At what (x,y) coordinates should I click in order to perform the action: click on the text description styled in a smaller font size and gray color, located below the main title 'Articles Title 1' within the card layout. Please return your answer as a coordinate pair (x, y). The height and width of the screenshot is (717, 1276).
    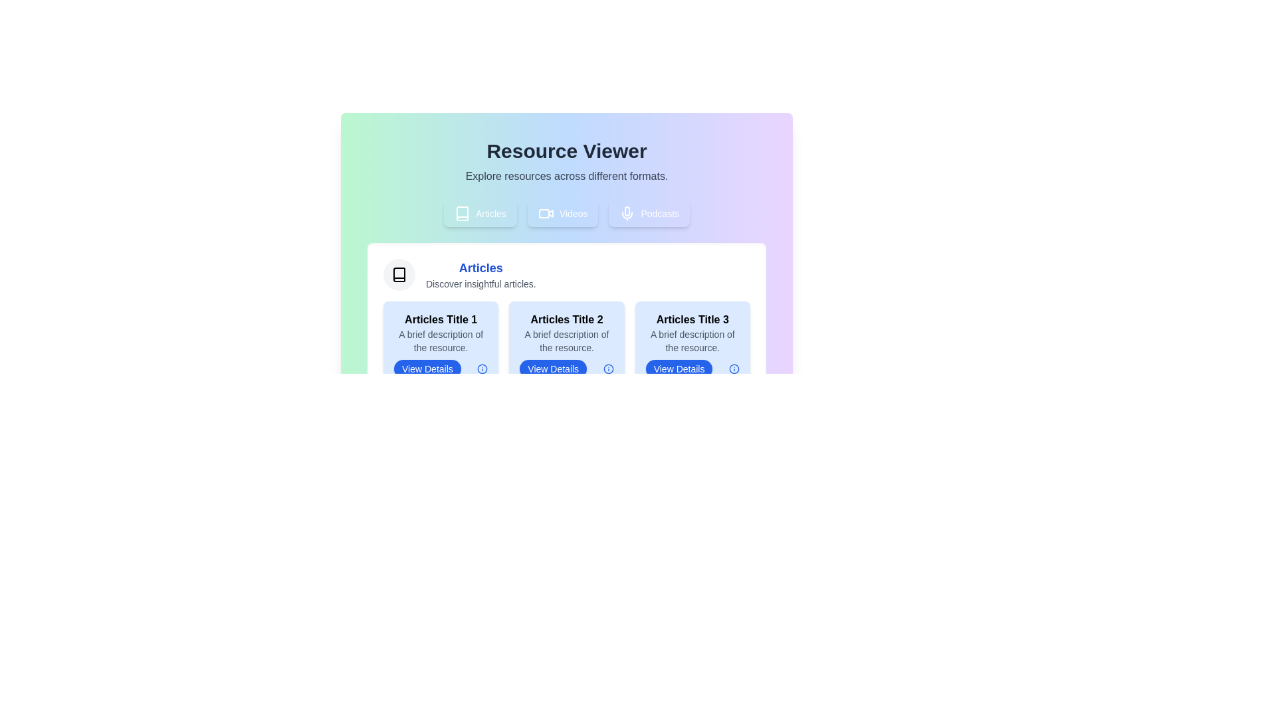
    Looking at the image, I should click on (441, 340).